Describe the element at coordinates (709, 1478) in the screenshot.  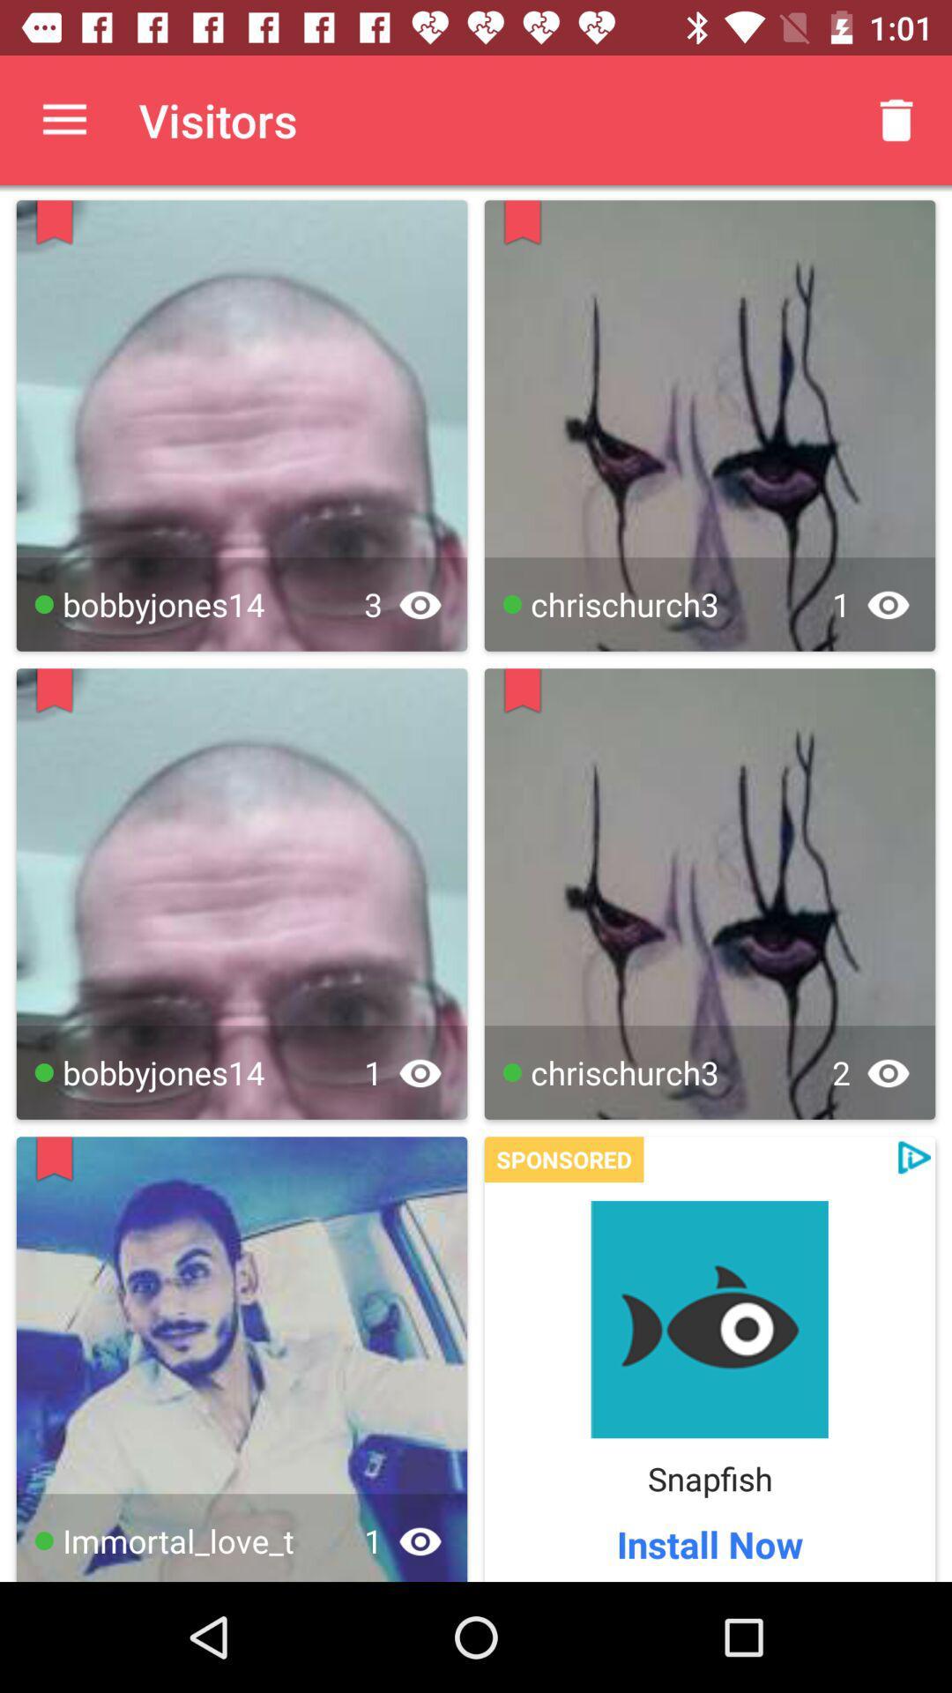
I see `snapfish` at that location.